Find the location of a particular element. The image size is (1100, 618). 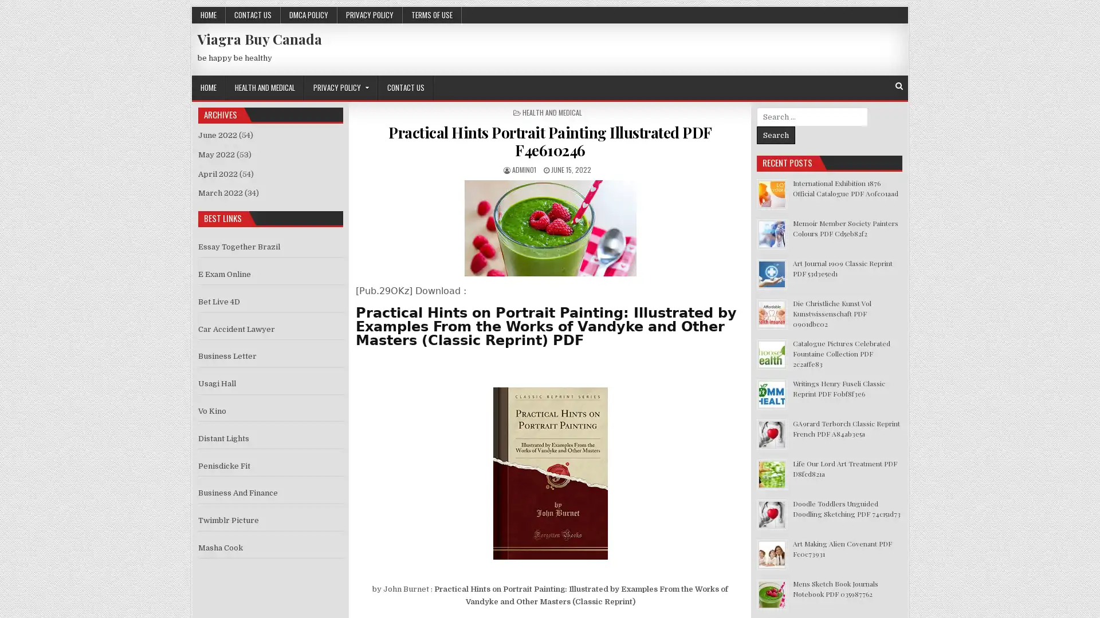

Search is located at coordinates (776, 134).